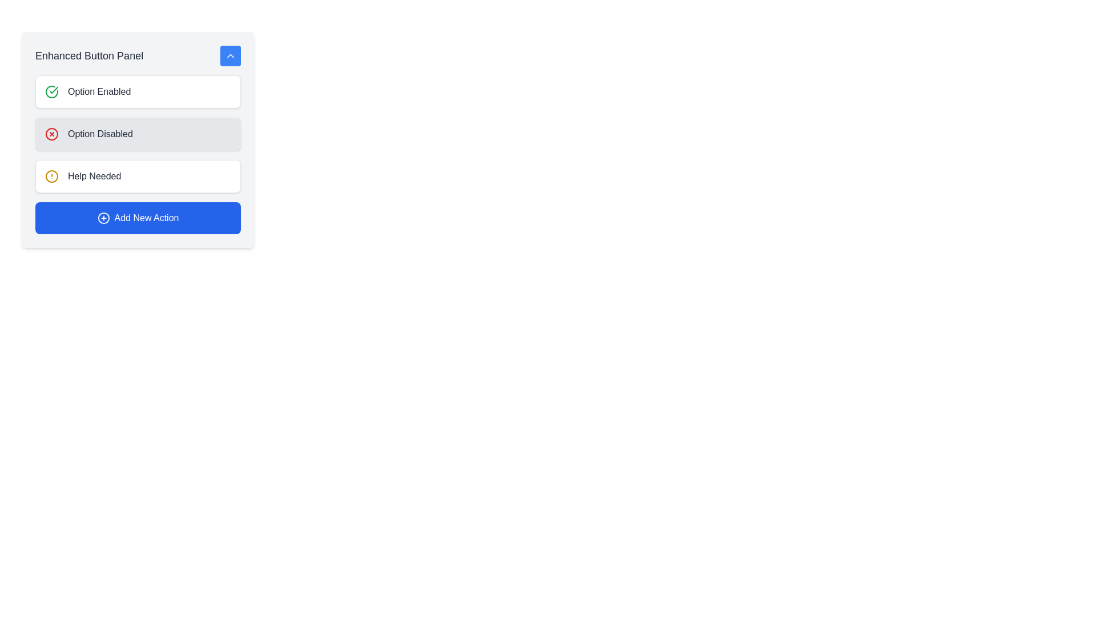 This screenshot has width=1096, height=617. Describe the element at coordinates (51, 176) in the screenshot. I see `the SVG Circle element located within the 'Help Needed' button area of the 'Enhanced Button Panel', serving as a visual cue for alerts or notifications` at that location.